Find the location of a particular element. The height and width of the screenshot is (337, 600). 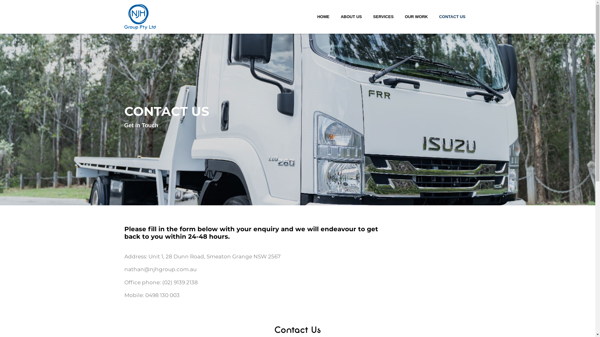

'ABOUT US' is located at coordinates (351, 17).